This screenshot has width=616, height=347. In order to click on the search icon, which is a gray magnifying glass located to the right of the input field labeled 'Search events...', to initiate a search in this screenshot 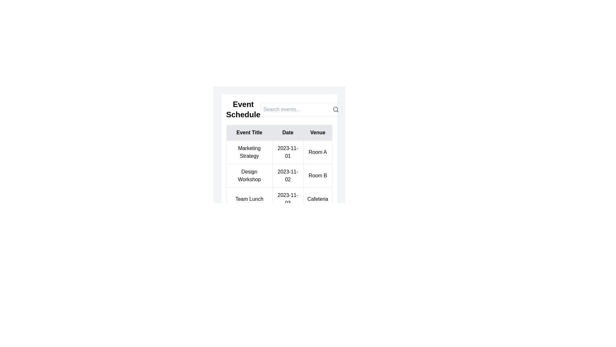, I will do `click(335, 109)`.